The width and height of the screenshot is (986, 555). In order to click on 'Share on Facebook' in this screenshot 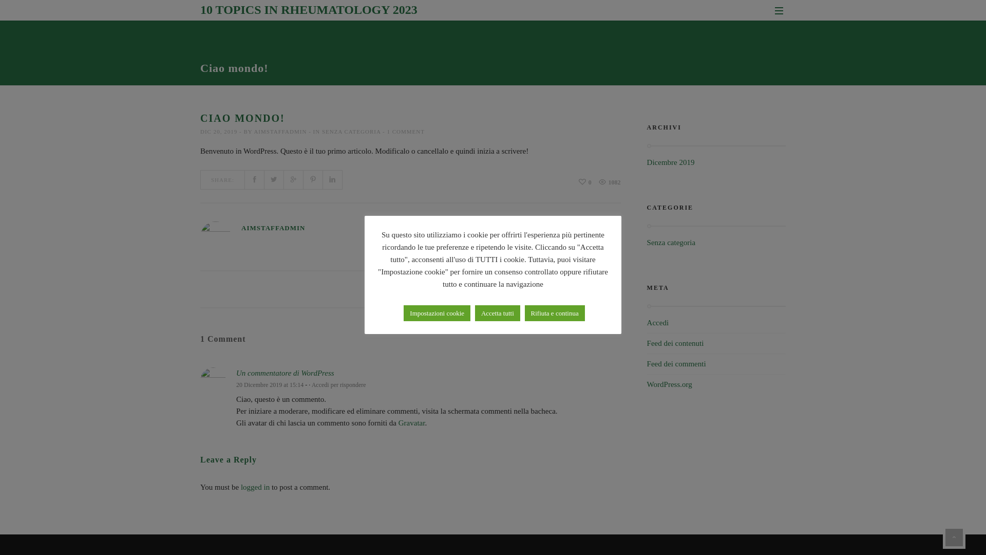, I will do `click(254, 179)`.